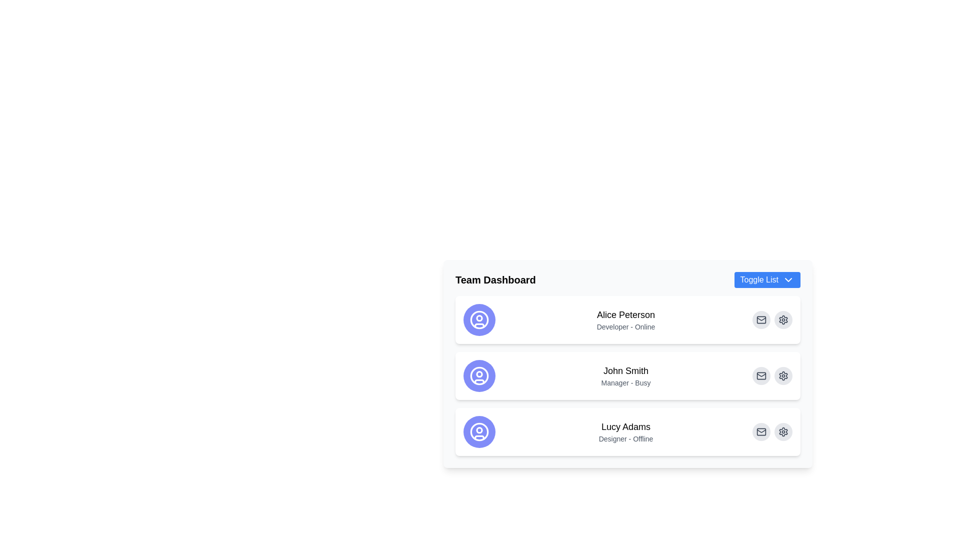 Image resolution: width=960 pixels, height=540 pixels. What do you see at coordinates (625, 382) in the screenshot?
I see `the text label displaying 'Manager - Busy', which is styled with a small gray font and located beneath the header 'John Smith' in the central user panel` at bounding box center [625, 382].